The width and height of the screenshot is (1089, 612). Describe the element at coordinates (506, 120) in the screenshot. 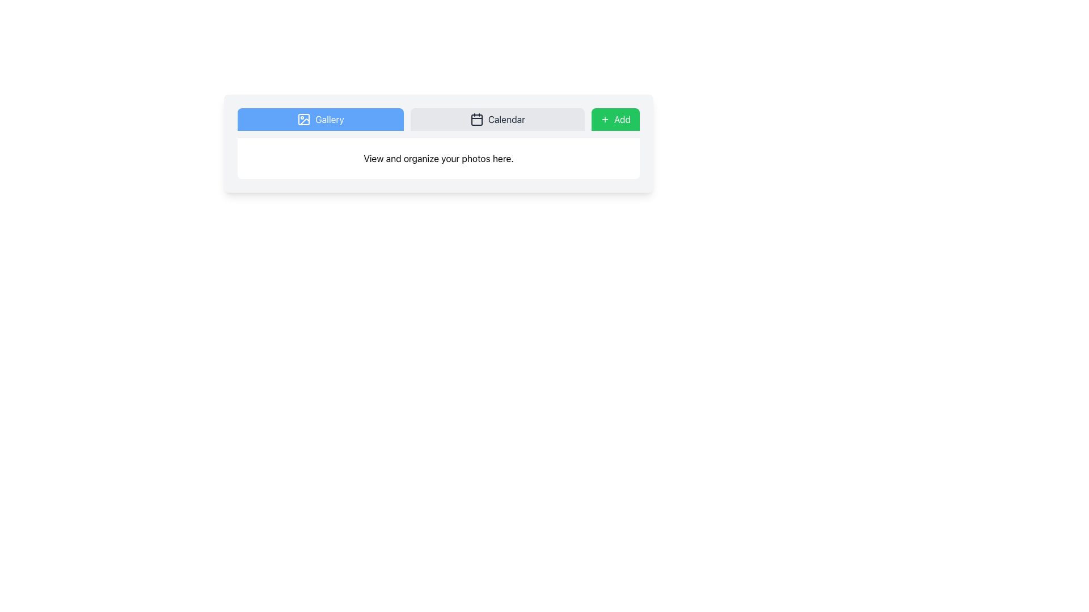

I see `the text label that represents the Calendar feature, which is positioned between the Gallery option and the Add option` at that location.